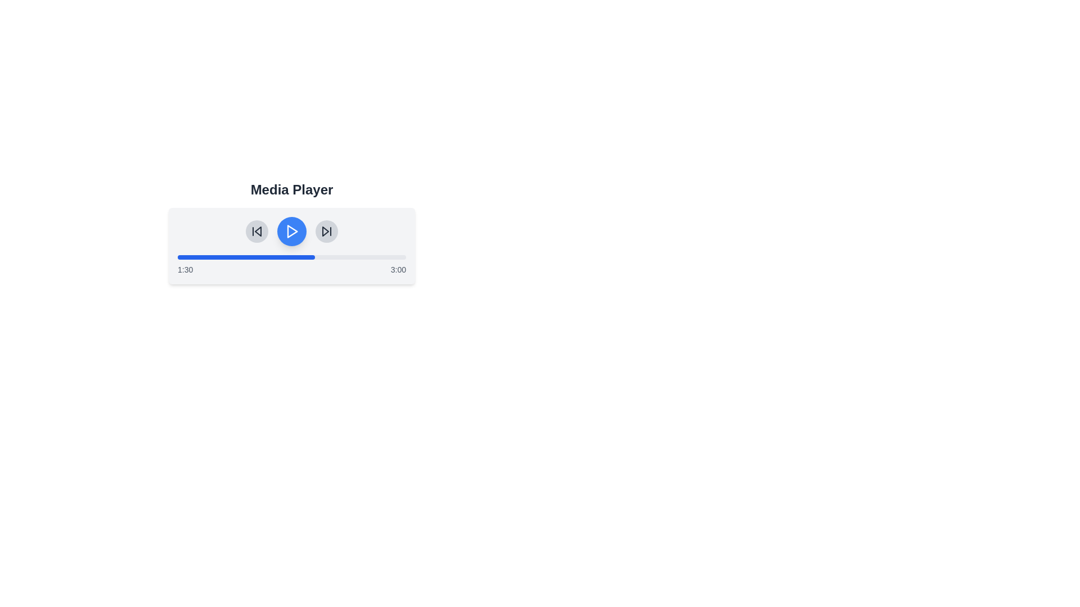 This screenshot has height=607, width=1080. I want to click on the playback control button, which is the second button from the left in a horizontal layout of three buttons, so click(291, 231).